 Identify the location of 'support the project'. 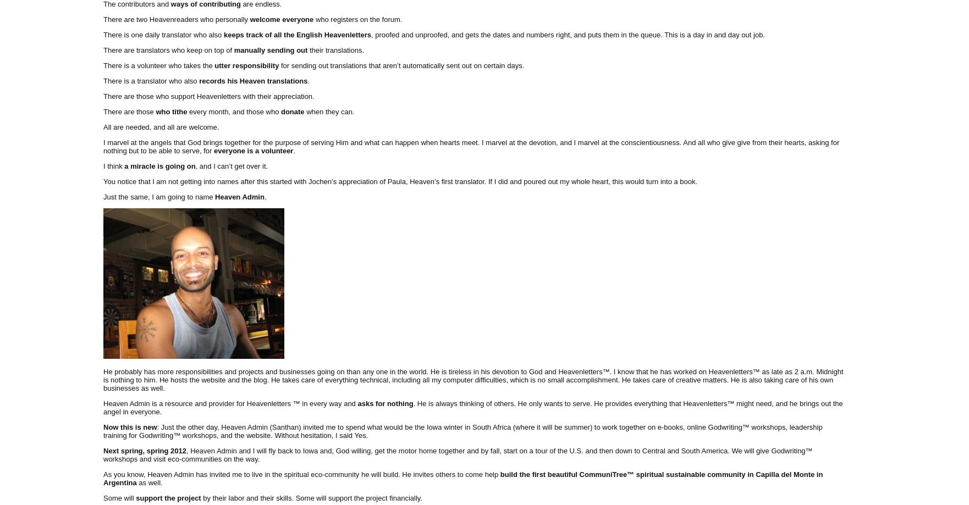
(169, 497).